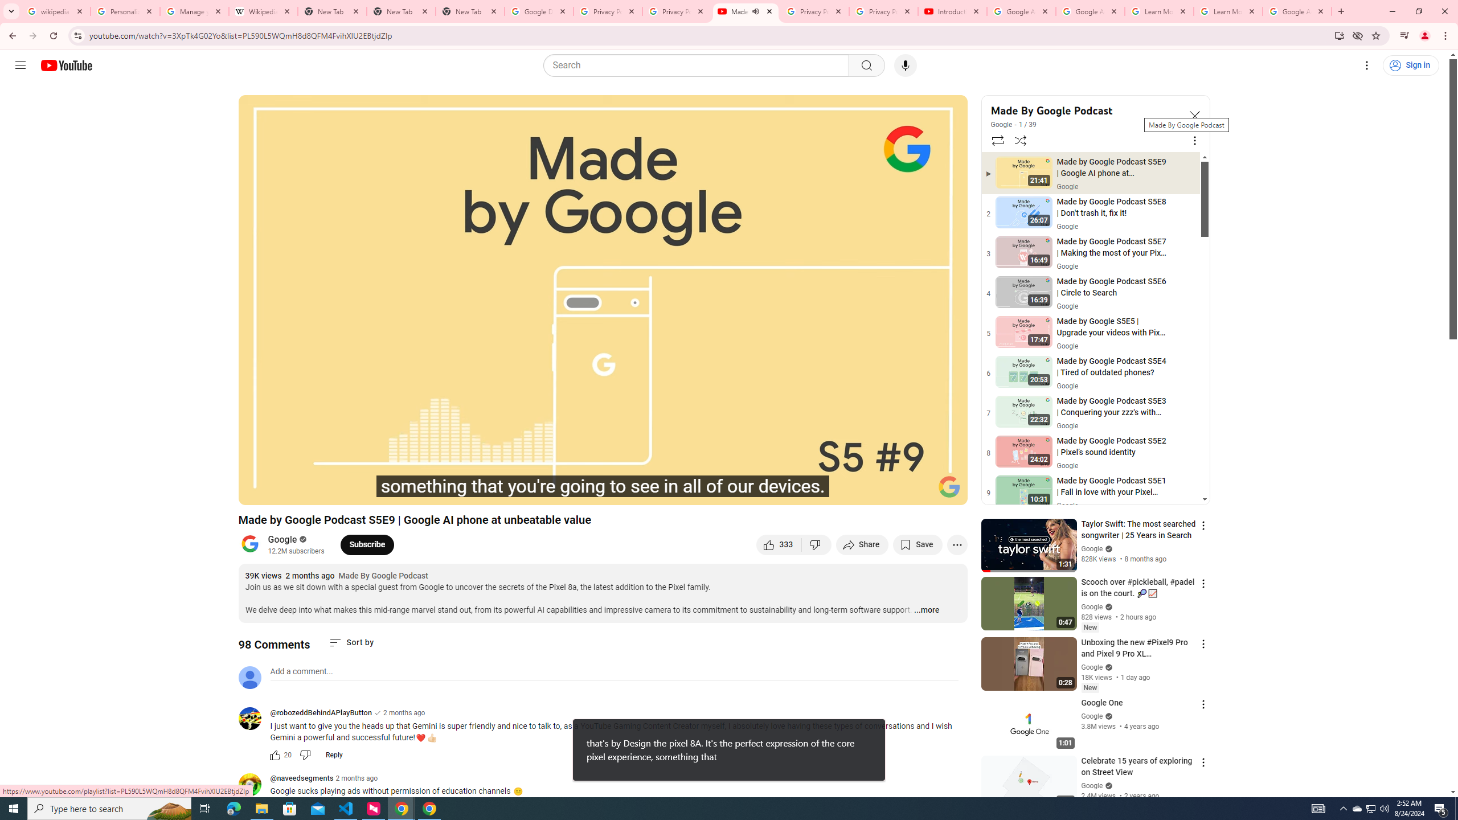 The height and width of the screenshot is (820, 1458). Describe the element at coordinates (817, 544) in the screenshot. I see `'Dislike this video'` at that location.